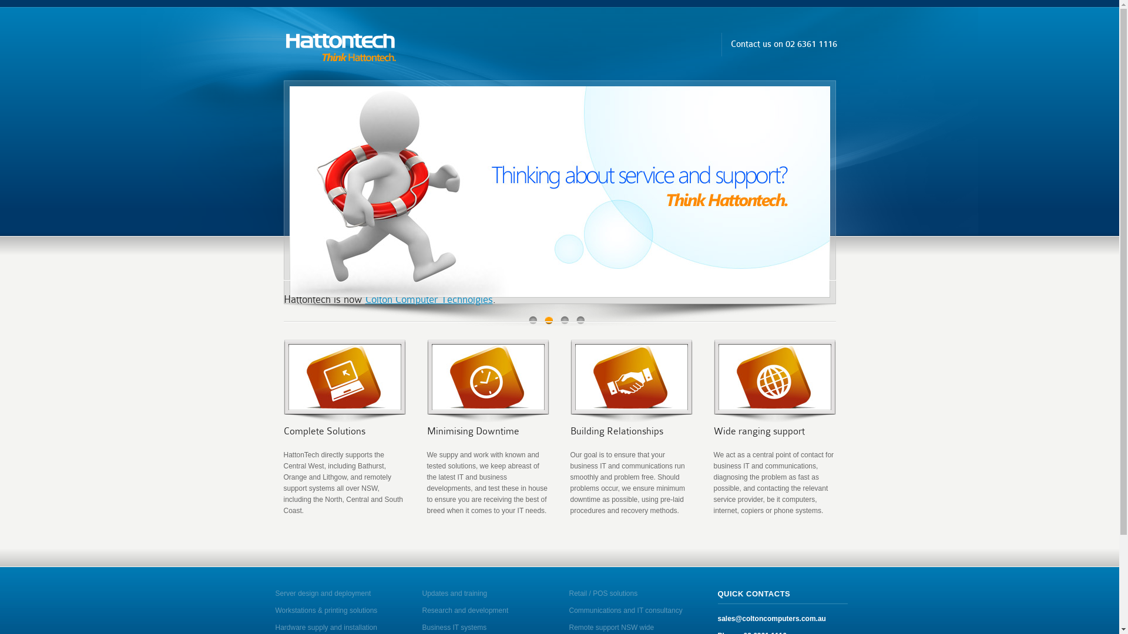 The image size is (1128, 634). Describe the element at coordinates (717, 618) in the screenshot. I see `'sales@coltoncomputers.com.au'` at that location.